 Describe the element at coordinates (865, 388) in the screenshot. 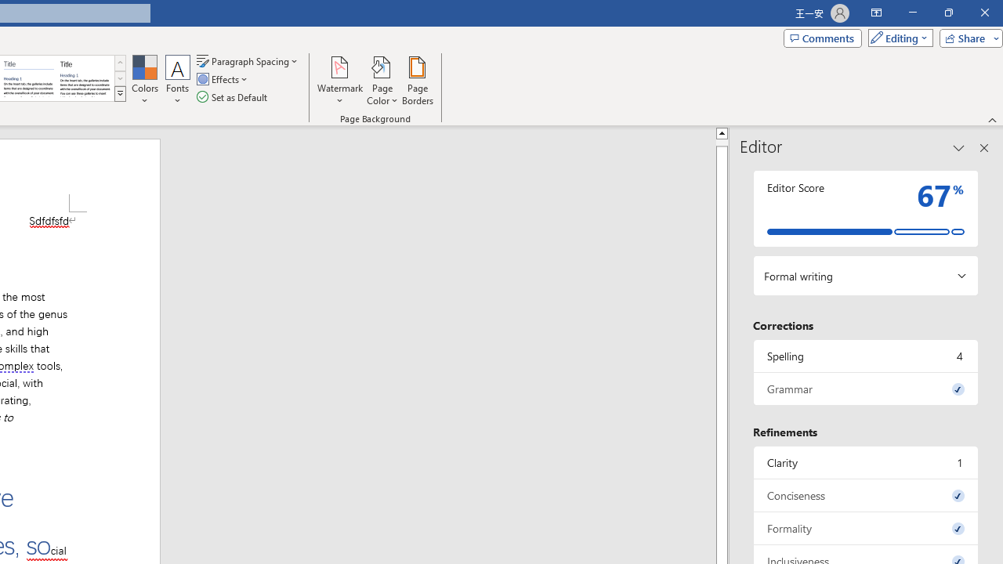

I see `'Grammar, 0 issues. Press space or enter to review items.'` at that location.